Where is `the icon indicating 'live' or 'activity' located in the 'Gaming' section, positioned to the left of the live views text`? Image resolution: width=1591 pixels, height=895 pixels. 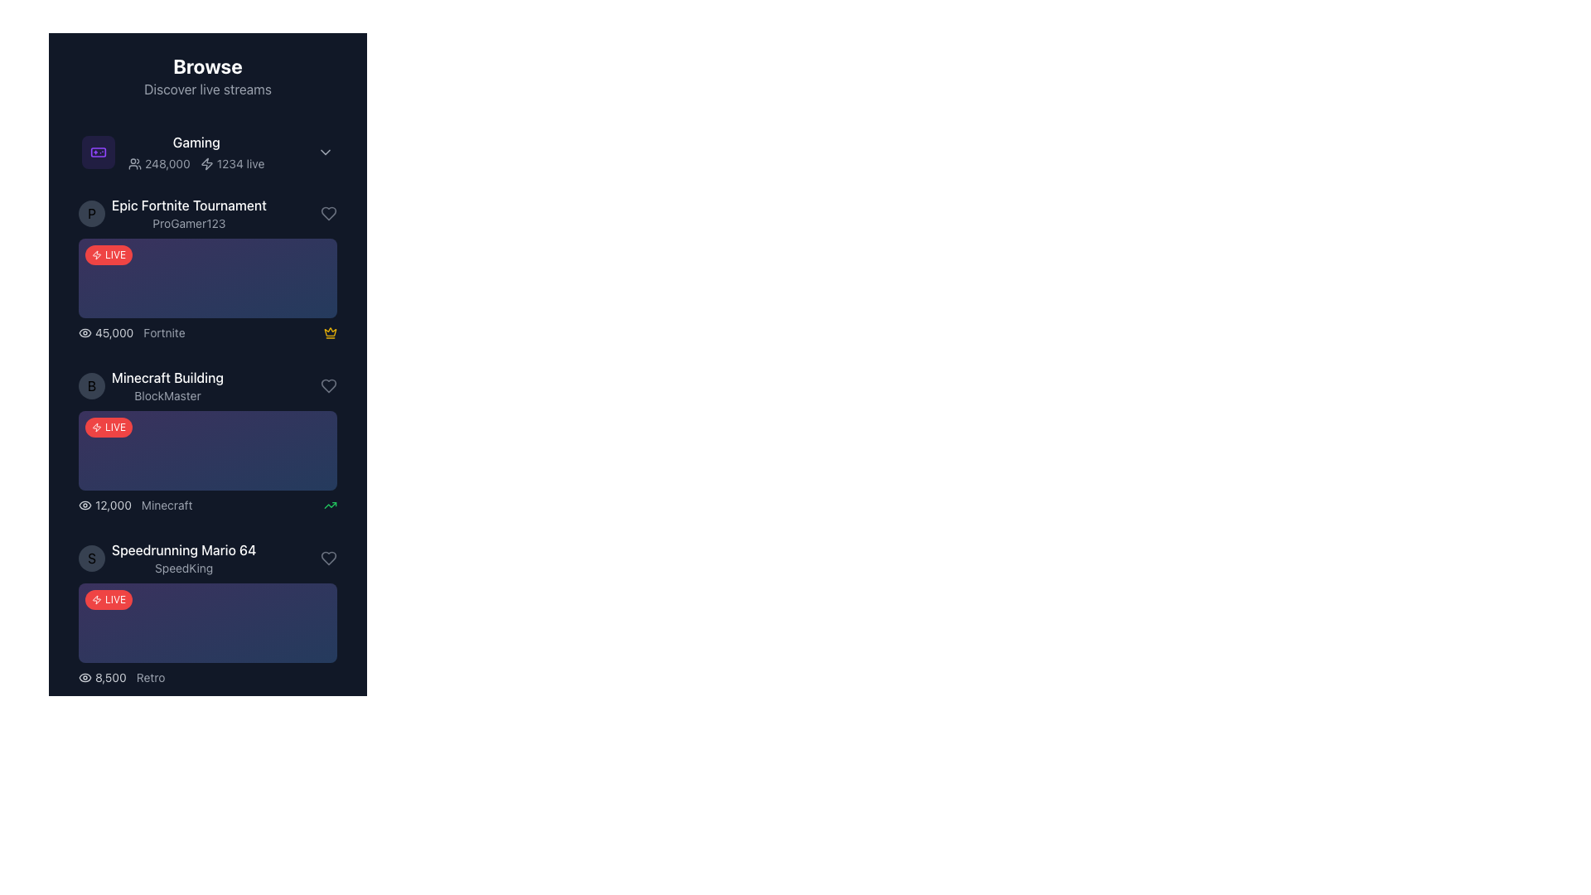 the icon indicating 'live' or 'activity' located in the 'Gaming' section, positioned to the left of the live views text is located at coordinates (95, 255).